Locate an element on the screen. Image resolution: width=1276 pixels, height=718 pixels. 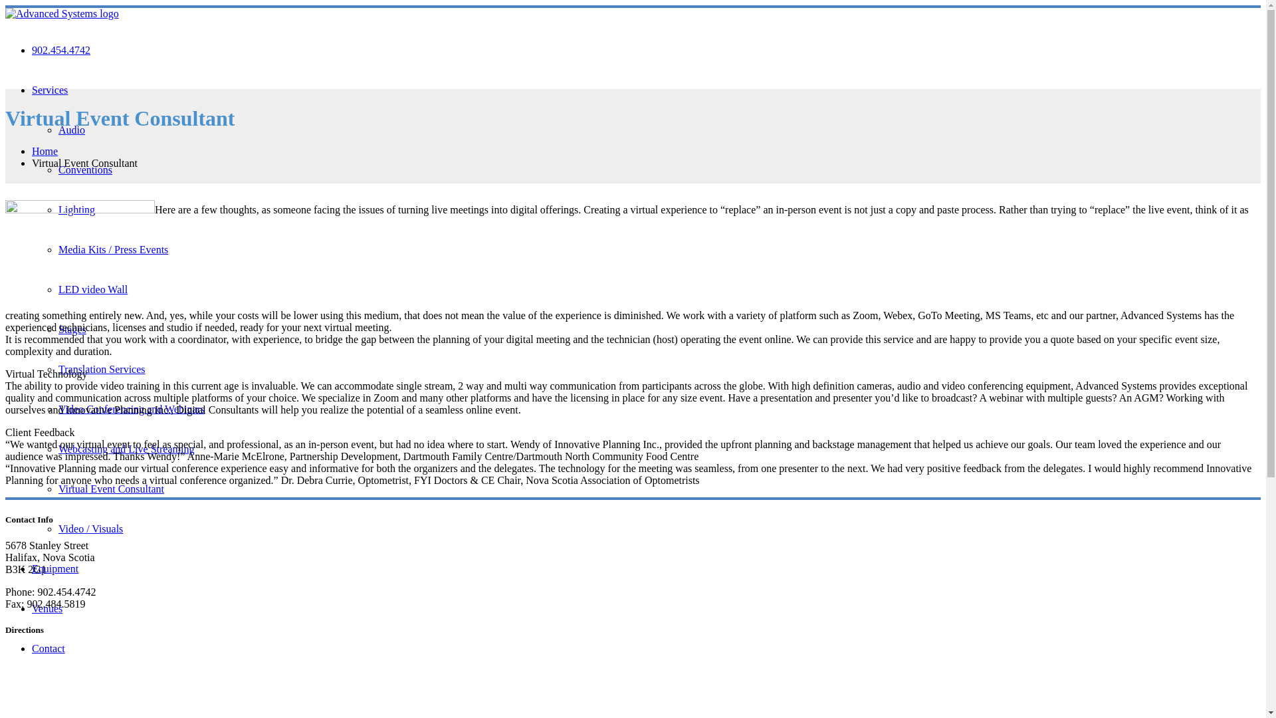
'Virtual Event Consultant' is located at coordinates (111, 489).